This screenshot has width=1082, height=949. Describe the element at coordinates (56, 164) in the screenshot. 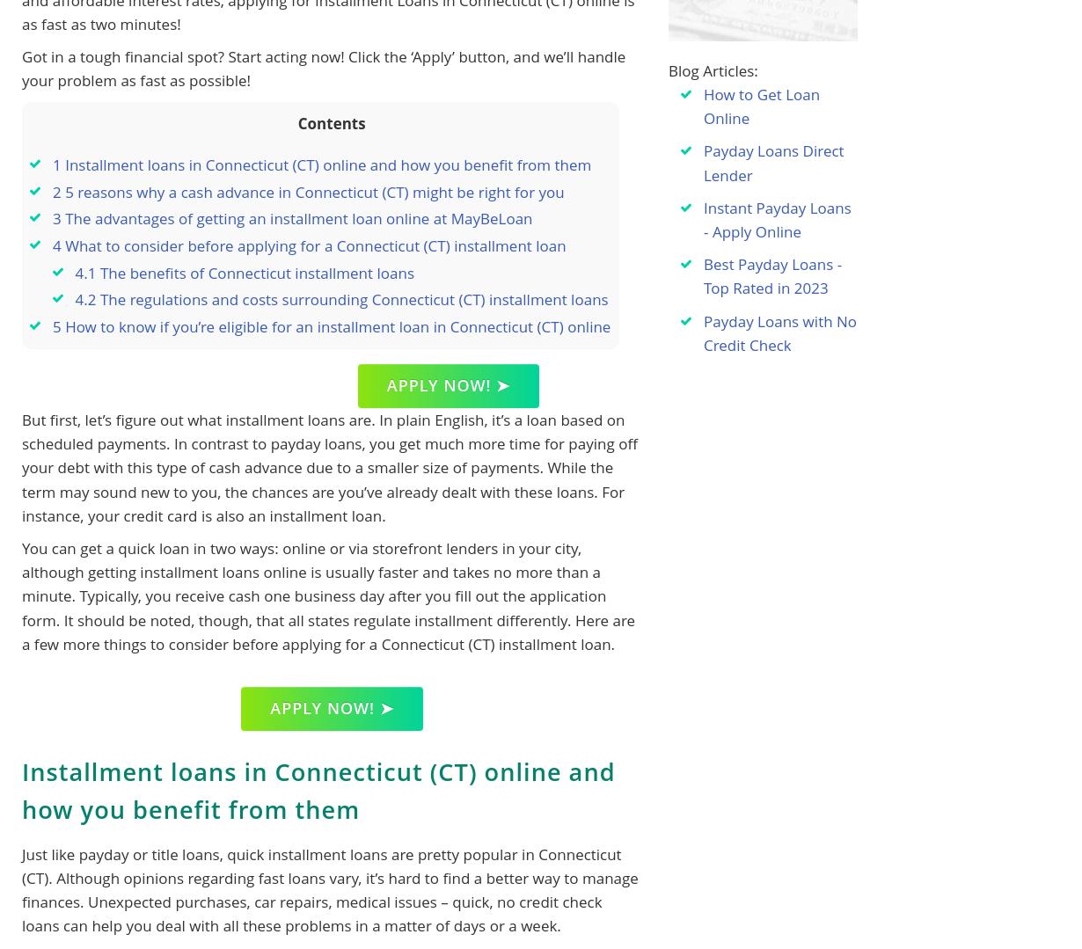

I see `'1'` at that location.